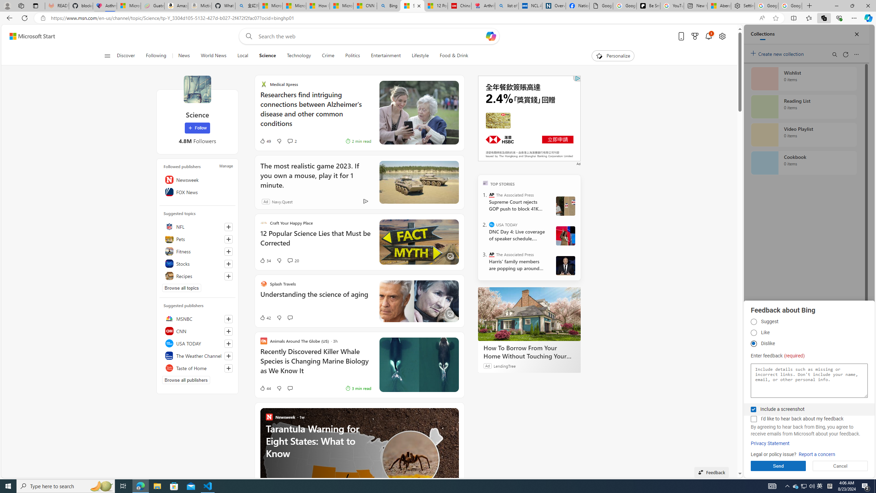 The width and height of the screenshot is (876, 493). Describe the element at coordinates (719, 5) in the screenshot. I see `'Aberdeen, Hong Kong SAR hourly forecast | Microsoft Weather'` at that location.